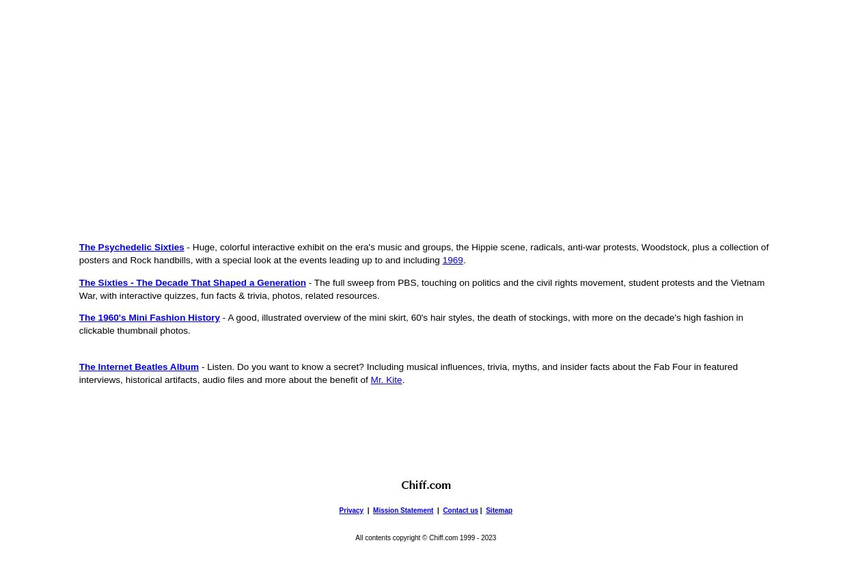 The width and height of the screenshot is (854, 571). What do you see at coordinates (421, 288) in the screenshot?
I see `'- The full 
                sweep from PBS, touching on politics and the civil rights movement, 
                student protests and the Vietnam War, with interactive quizzes, 
                fun facts & trivia, photos, related resources.'` at bounding box center [421, 288].